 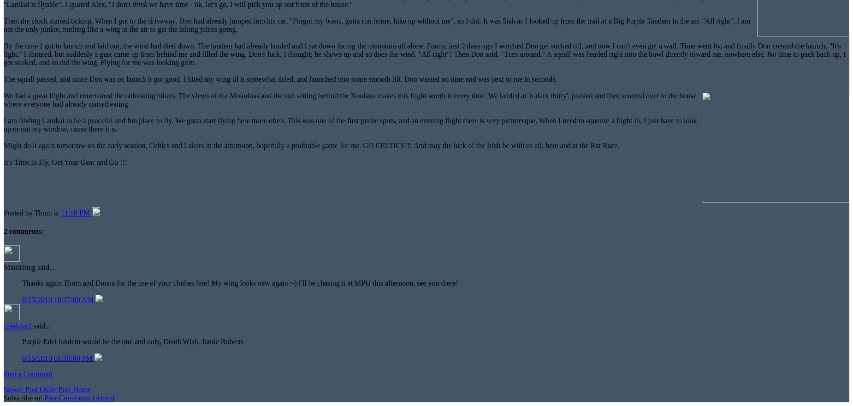 I want to click on 'Then the clock started ticking. When I got to the driveway, Don had already jumped into his car, "Forgot my boots, gotta run home, hike up without me", so I did. It was 5ish as I looked up from the trail at a Big Purple Tandem in the air. "All right", I am not the only junkie, nothing like a wing in the air to get the hiking juices going.', so click(x=377, y=25).